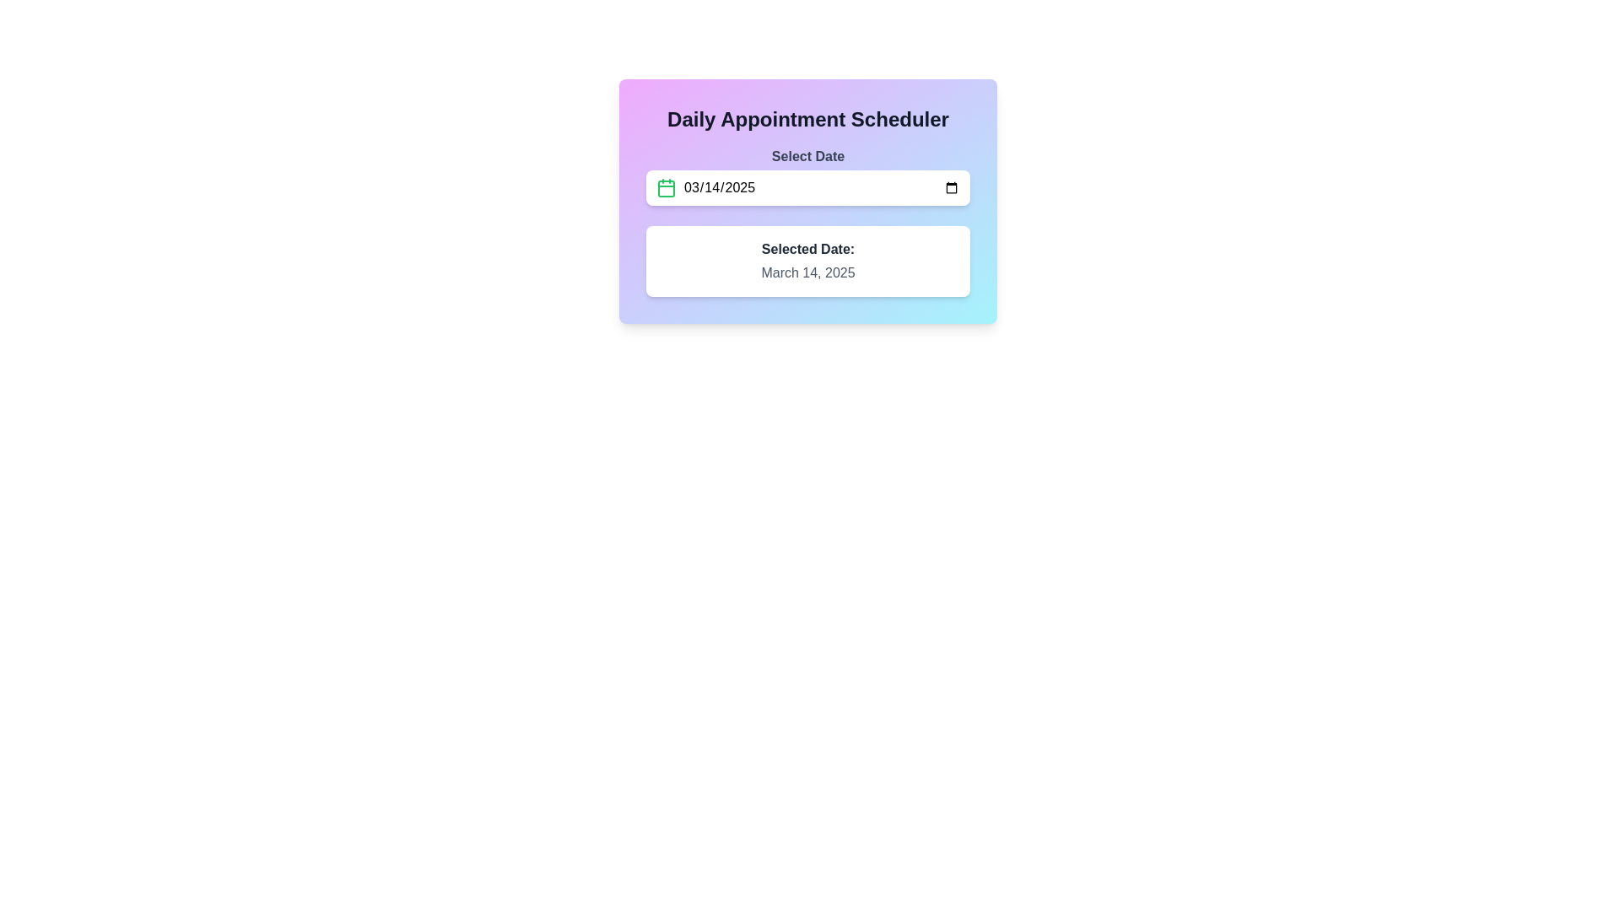 This screenshot has width=1620, height=911. Describe the element at coordinates (807, 250) in the screenshot. I see `the static text label that indicates the data pertains to the selected date, positioned above the date 'March 14, 2025' in a white card-like section` at that location.